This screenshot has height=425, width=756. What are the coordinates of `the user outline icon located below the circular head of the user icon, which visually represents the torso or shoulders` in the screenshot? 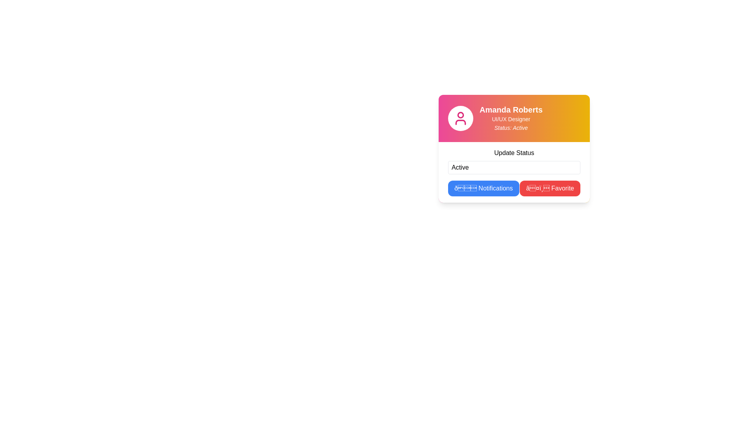 It's located at (461, 122).